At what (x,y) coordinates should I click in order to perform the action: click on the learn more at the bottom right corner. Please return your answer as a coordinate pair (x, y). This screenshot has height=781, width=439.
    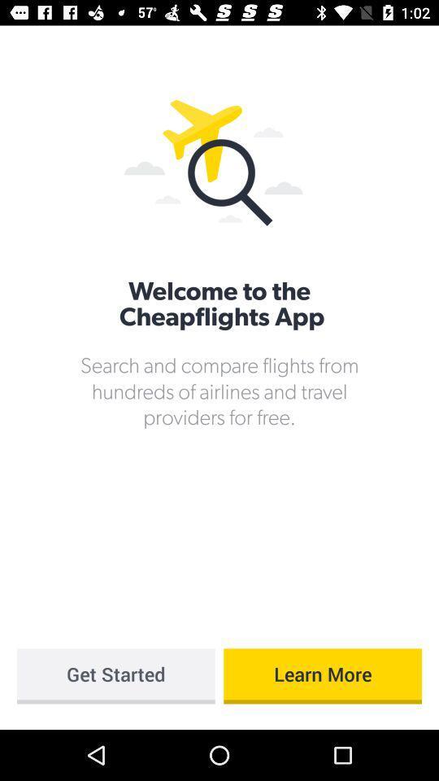
    Looking at the image, I should click on (323, 676).